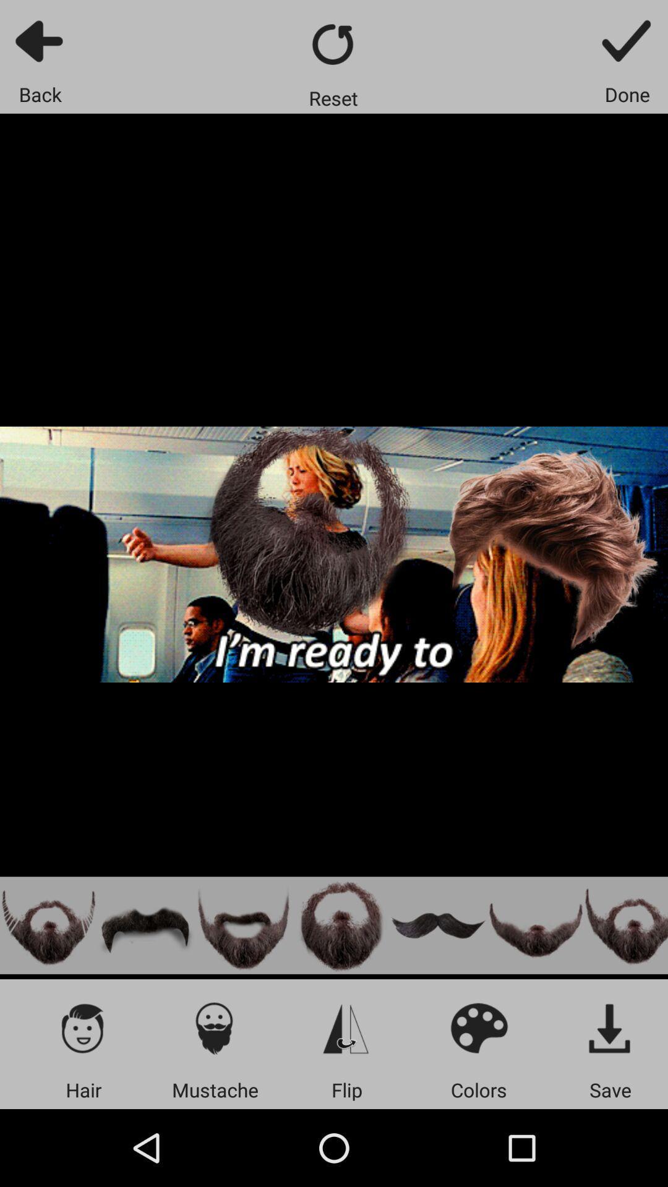  What do you see at coordinates (48, 925) in the screenshot?
I see `bear` at bounding box center [48, 925].